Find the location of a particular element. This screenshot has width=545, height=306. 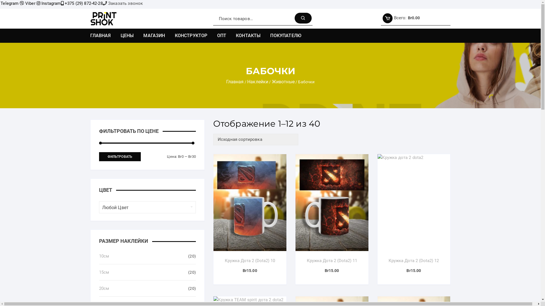

'Viber' is located at coordinates (27, 3).